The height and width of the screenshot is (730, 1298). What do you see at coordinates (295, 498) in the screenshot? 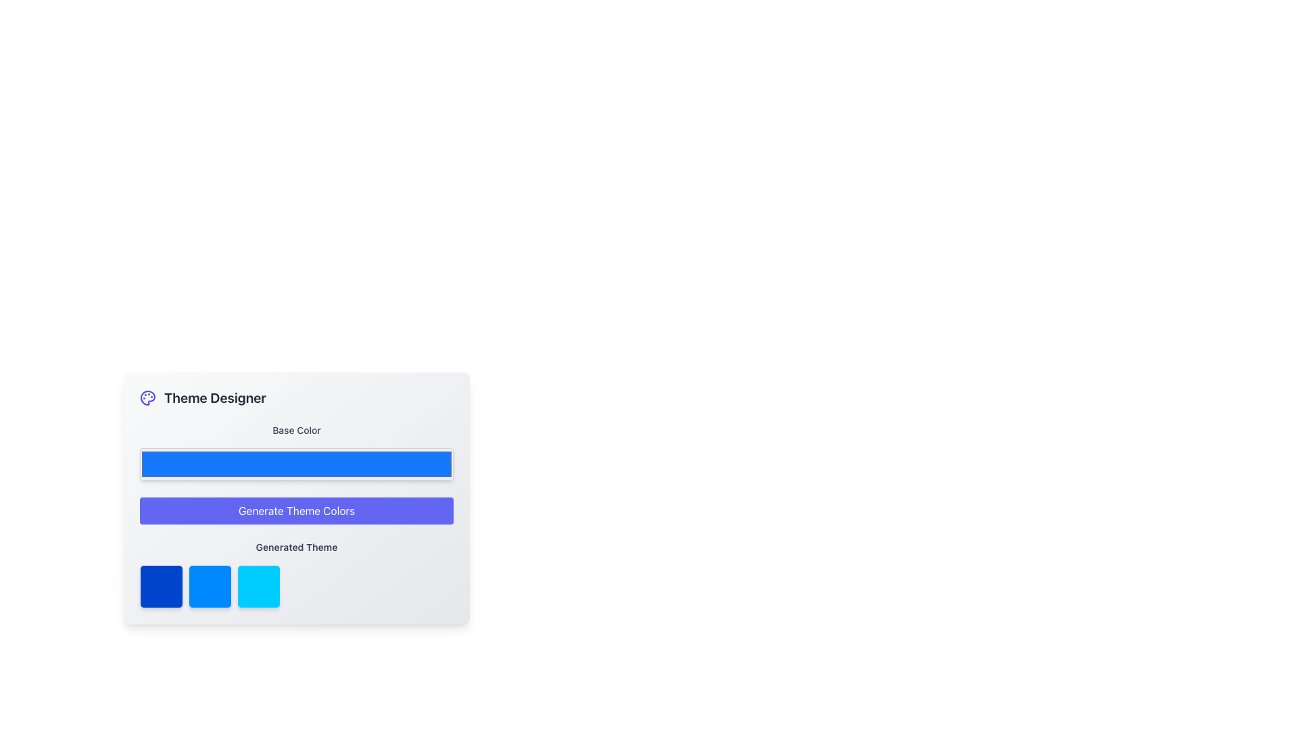
I see `the theme color generation button located in the central part of the 'Theme Designer' card, which is below the 'Base Color' section and above the 'Generated Theme' section` at bounding box center [295, 498].